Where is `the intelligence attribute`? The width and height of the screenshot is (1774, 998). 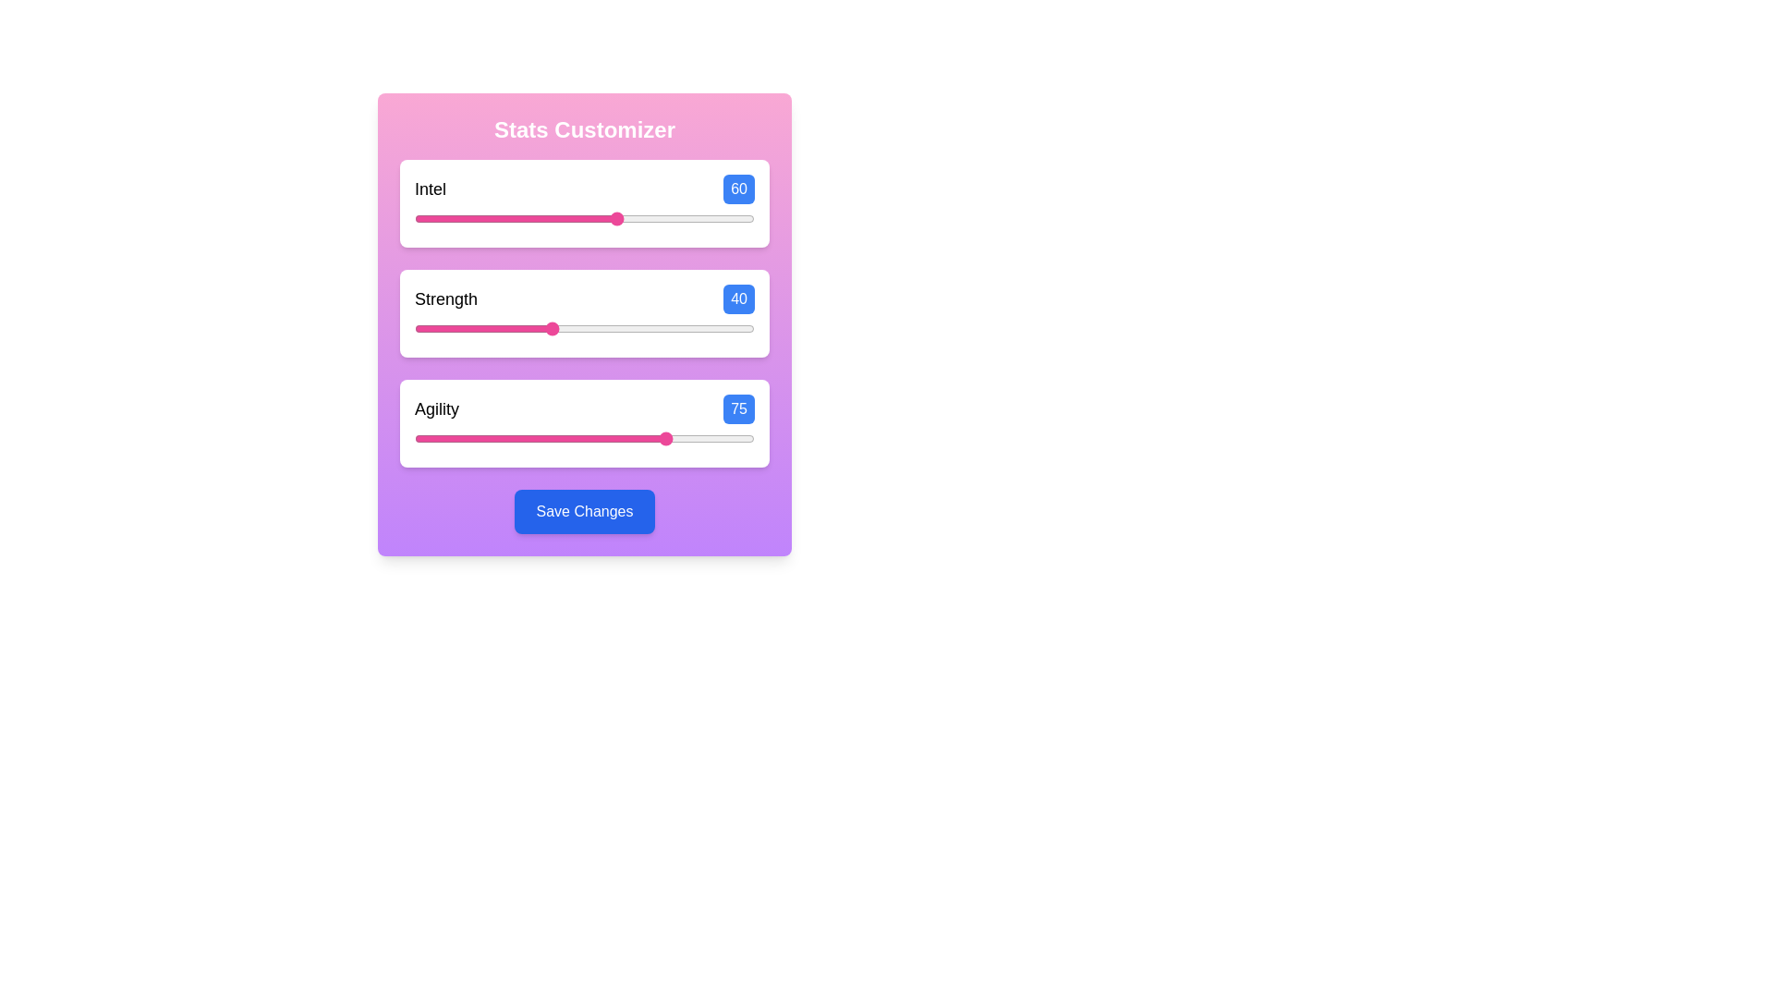
the intelligence attribute is located at coordinates (649, 217).